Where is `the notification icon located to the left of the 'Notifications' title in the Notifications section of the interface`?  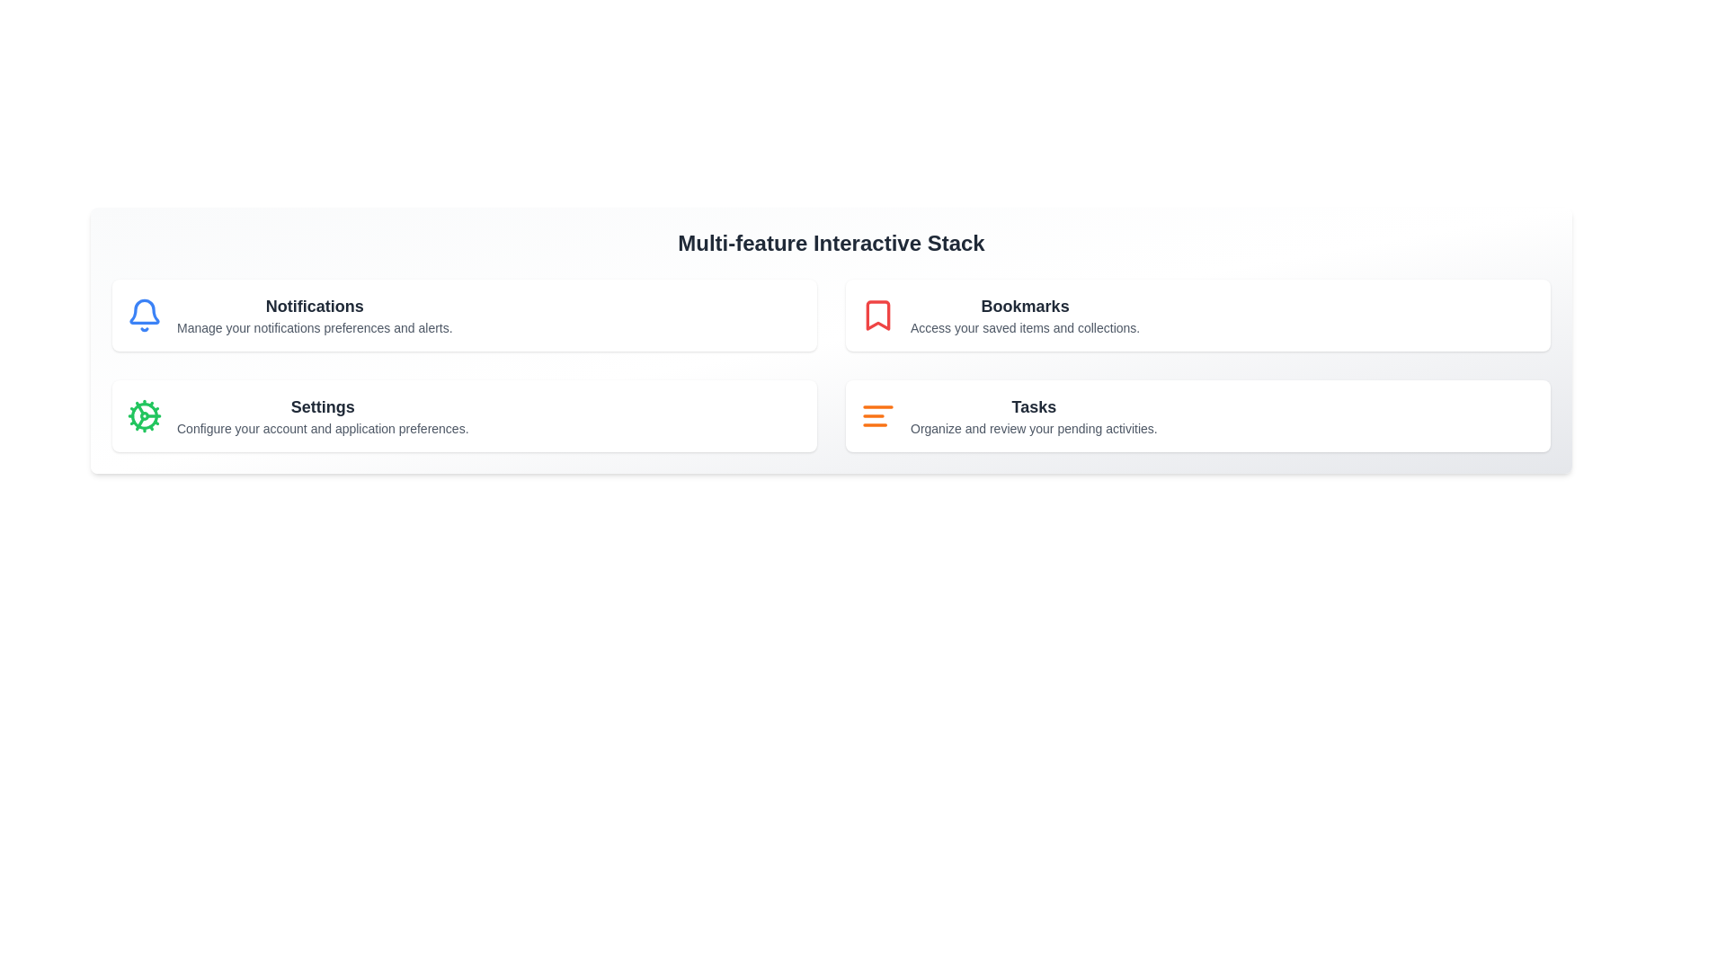
the notification icon located to the left of the 'Notifications' title in the Notifications section of the interface is located at coordinates (145, 315).